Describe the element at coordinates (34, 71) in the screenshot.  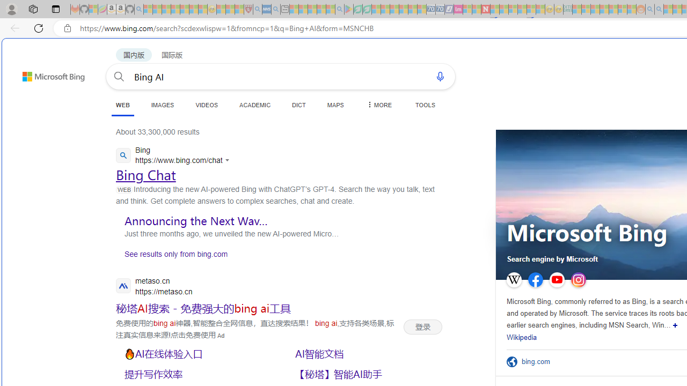
I see `'Skip to content'` at that location.